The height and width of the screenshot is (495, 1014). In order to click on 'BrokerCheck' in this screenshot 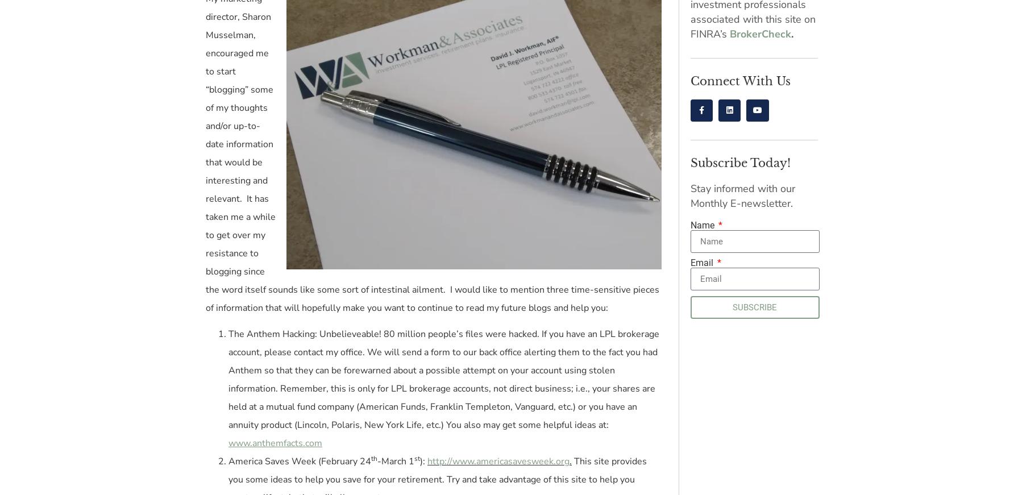, I will do `click(760, 34)`.